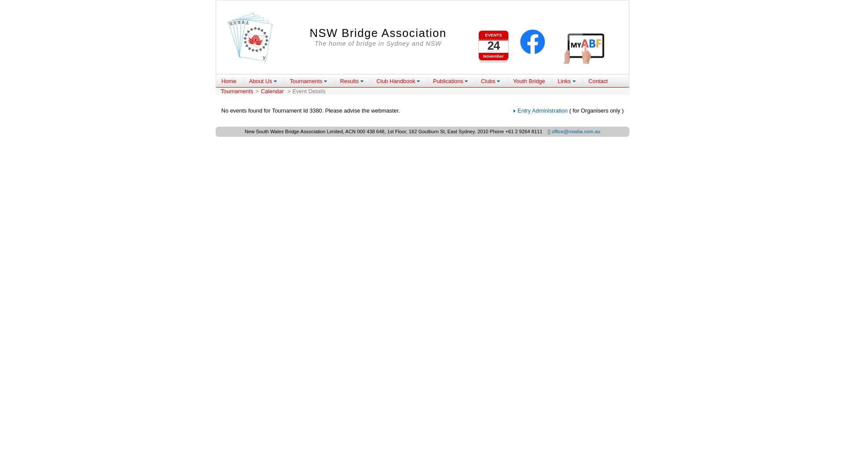  I want to click on 'Publications', so click(451, 81).